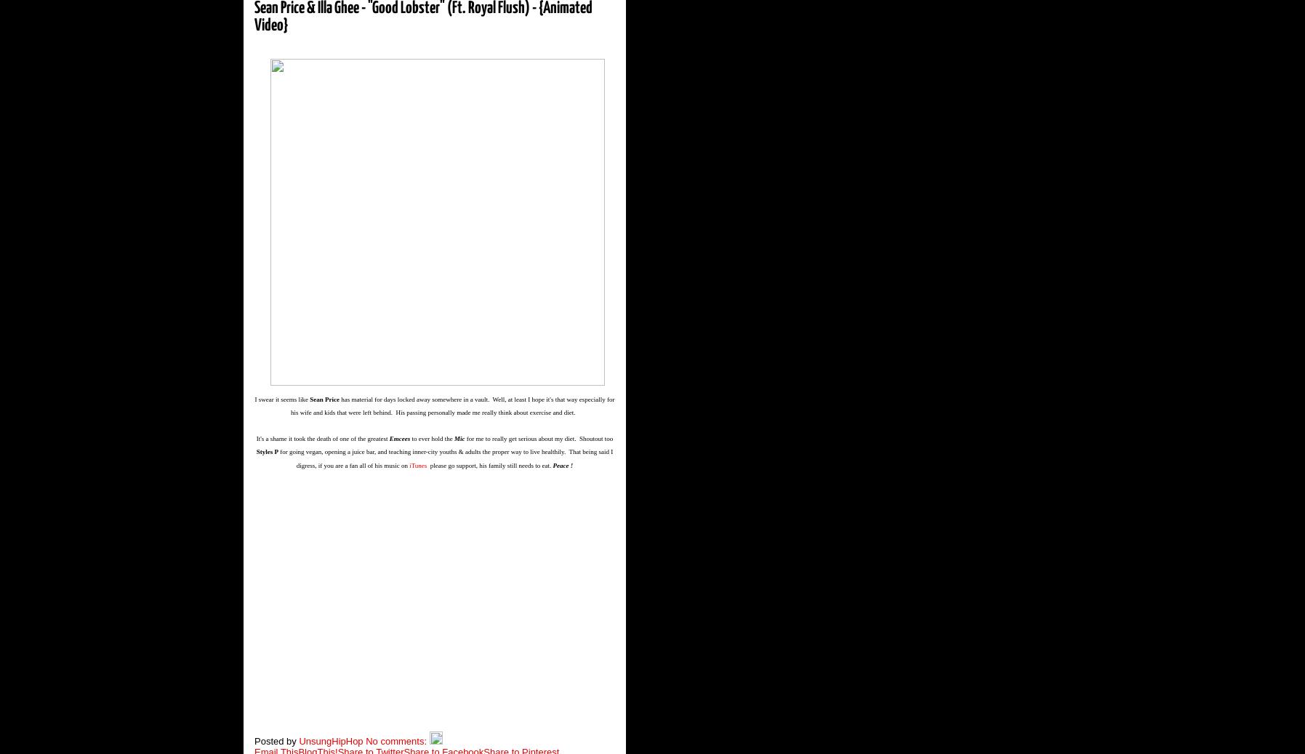  Describe the element at coordinates (489, 464) in the screenshot. I see `'please go support, his family still needs to eat.'` at that location.